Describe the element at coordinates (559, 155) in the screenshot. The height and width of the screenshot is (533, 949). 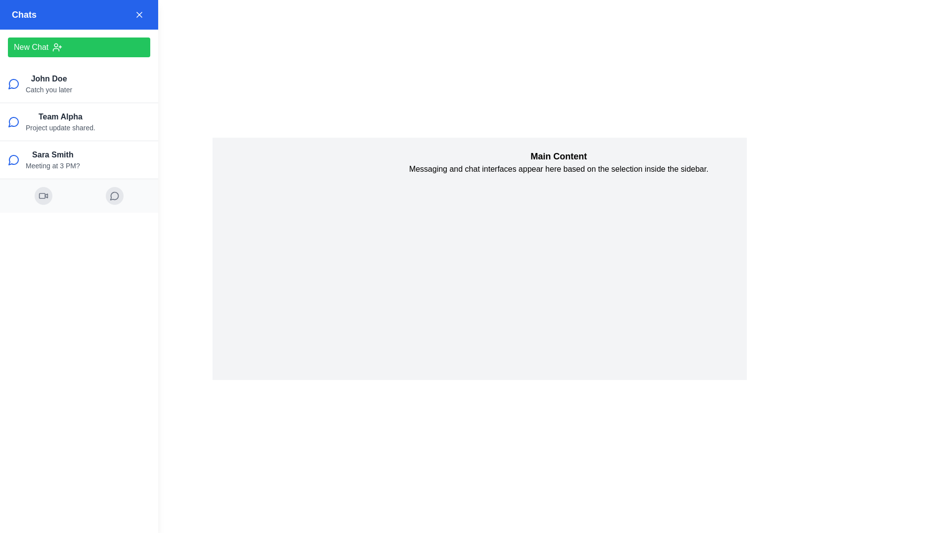
I see `the heading element that serves as a title or description for the section below it, located in the upper central part of the content area` at that location.